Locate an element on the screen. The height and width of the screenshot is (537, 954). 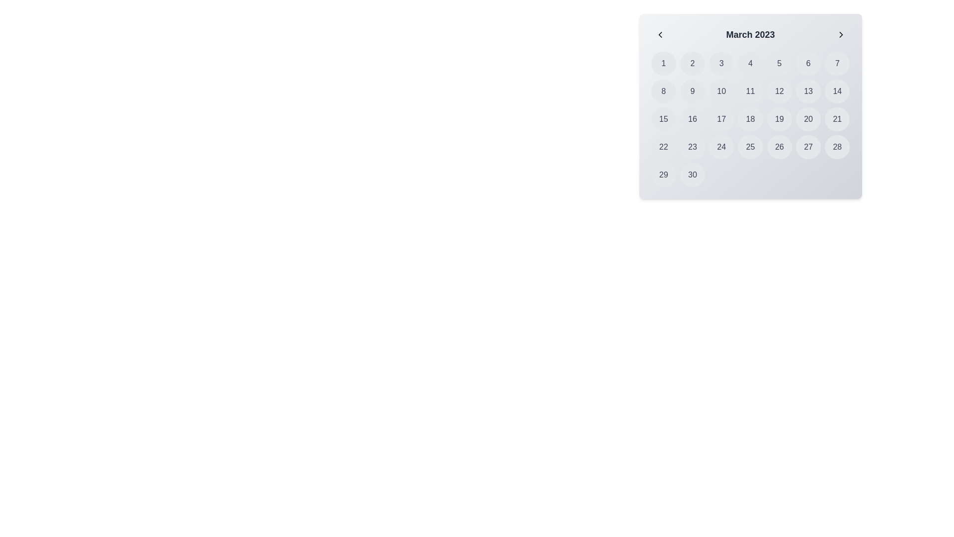
the button representing the day '6' in the calendar is located at coordinates (808, 63).